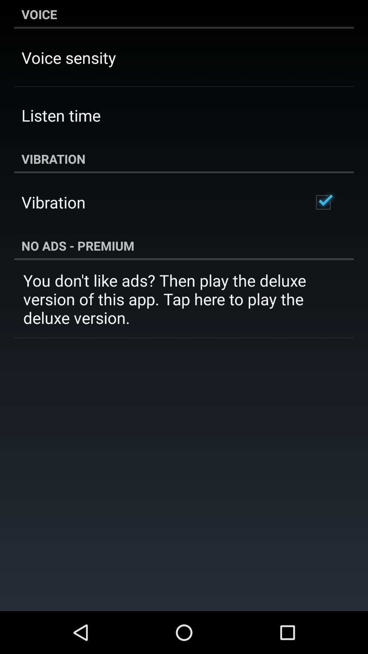 The image size is (368, 654). What do you see at coordinates (61, 115) in the screenshot?
I see `the app below voice sensity item` at bounding box center [61, 115].